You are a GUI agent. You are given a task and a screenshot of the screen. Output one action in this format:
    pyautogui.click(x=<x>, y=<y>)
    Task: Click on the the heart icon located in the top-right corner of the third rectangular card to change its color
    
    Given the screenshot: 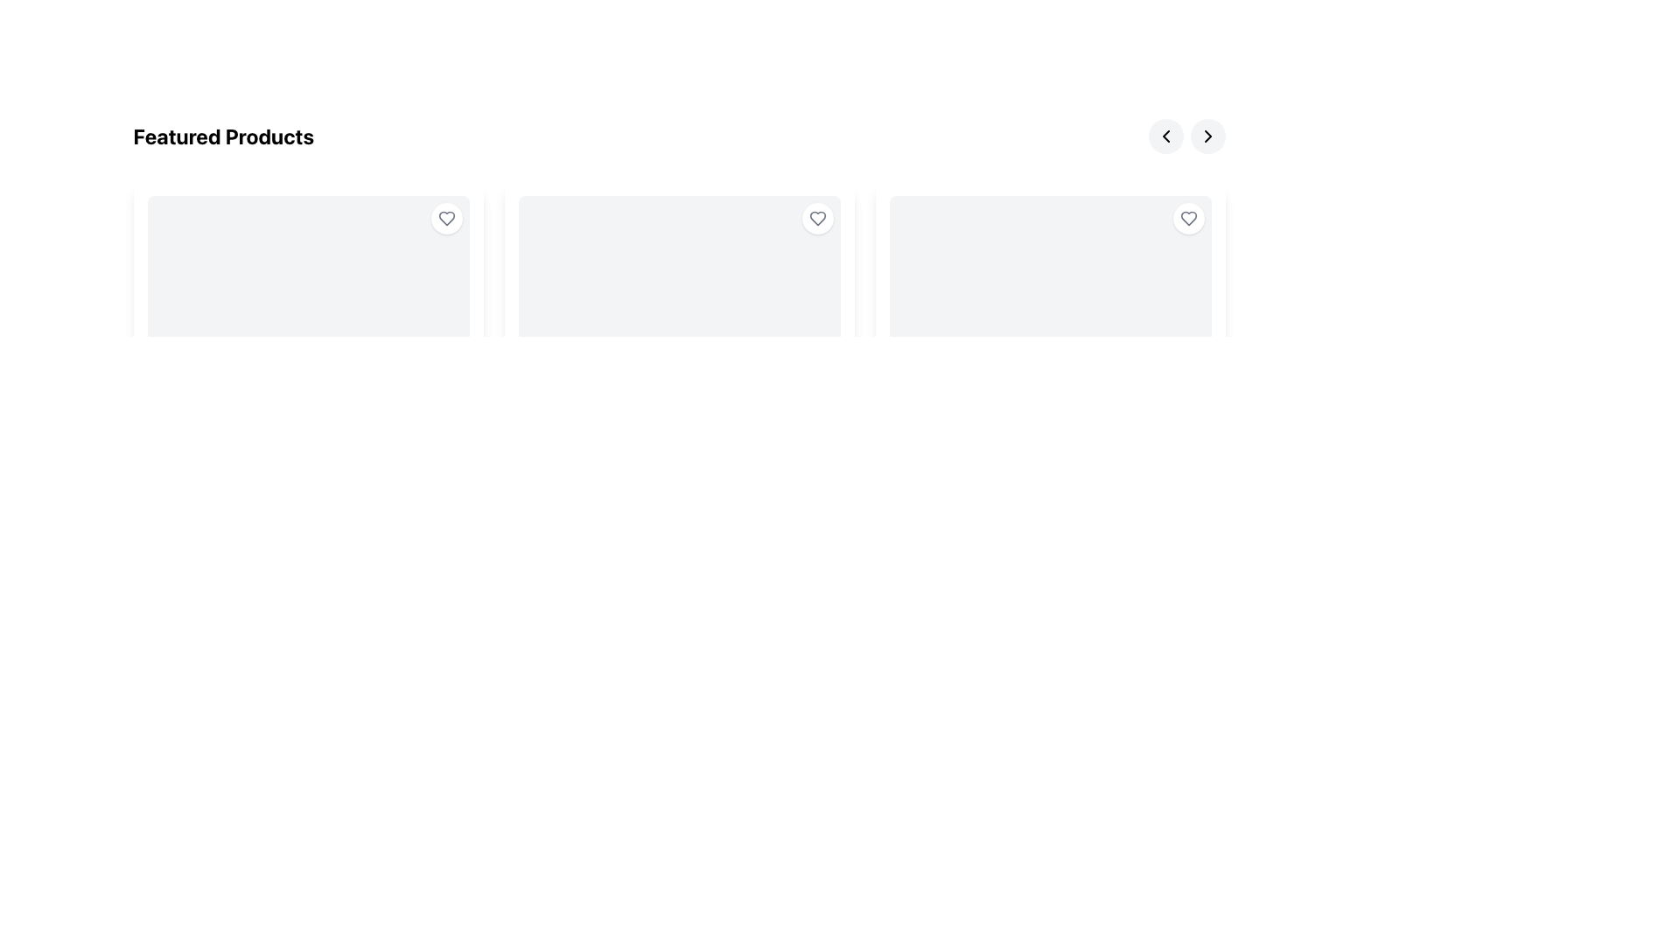 What is the action you would take?
    pyautogui.click(x=1188, y=218)
    